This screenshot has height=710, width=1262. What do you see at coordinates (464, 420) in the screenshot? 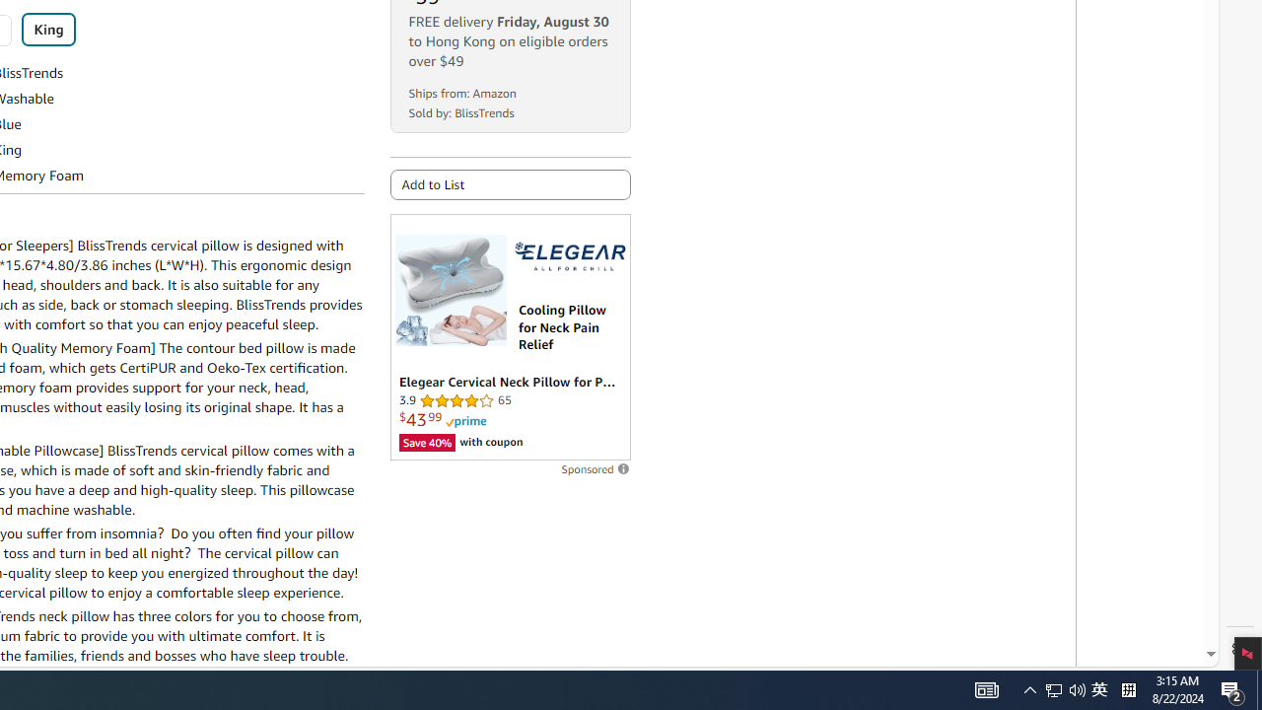
I see `'Prime'` at bounding box center [464, 420].